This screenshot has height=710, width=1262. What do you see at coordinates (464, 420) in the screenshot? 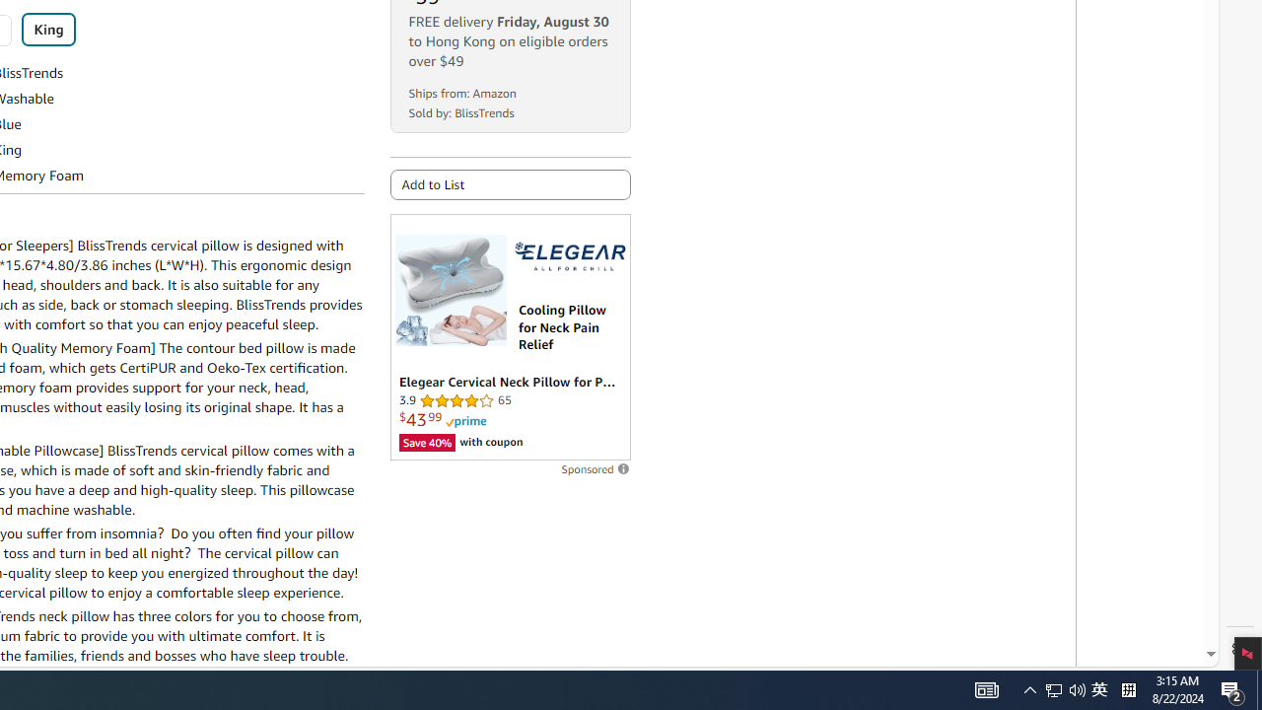
I see `'Prime'` at bounding box center [464, 420].